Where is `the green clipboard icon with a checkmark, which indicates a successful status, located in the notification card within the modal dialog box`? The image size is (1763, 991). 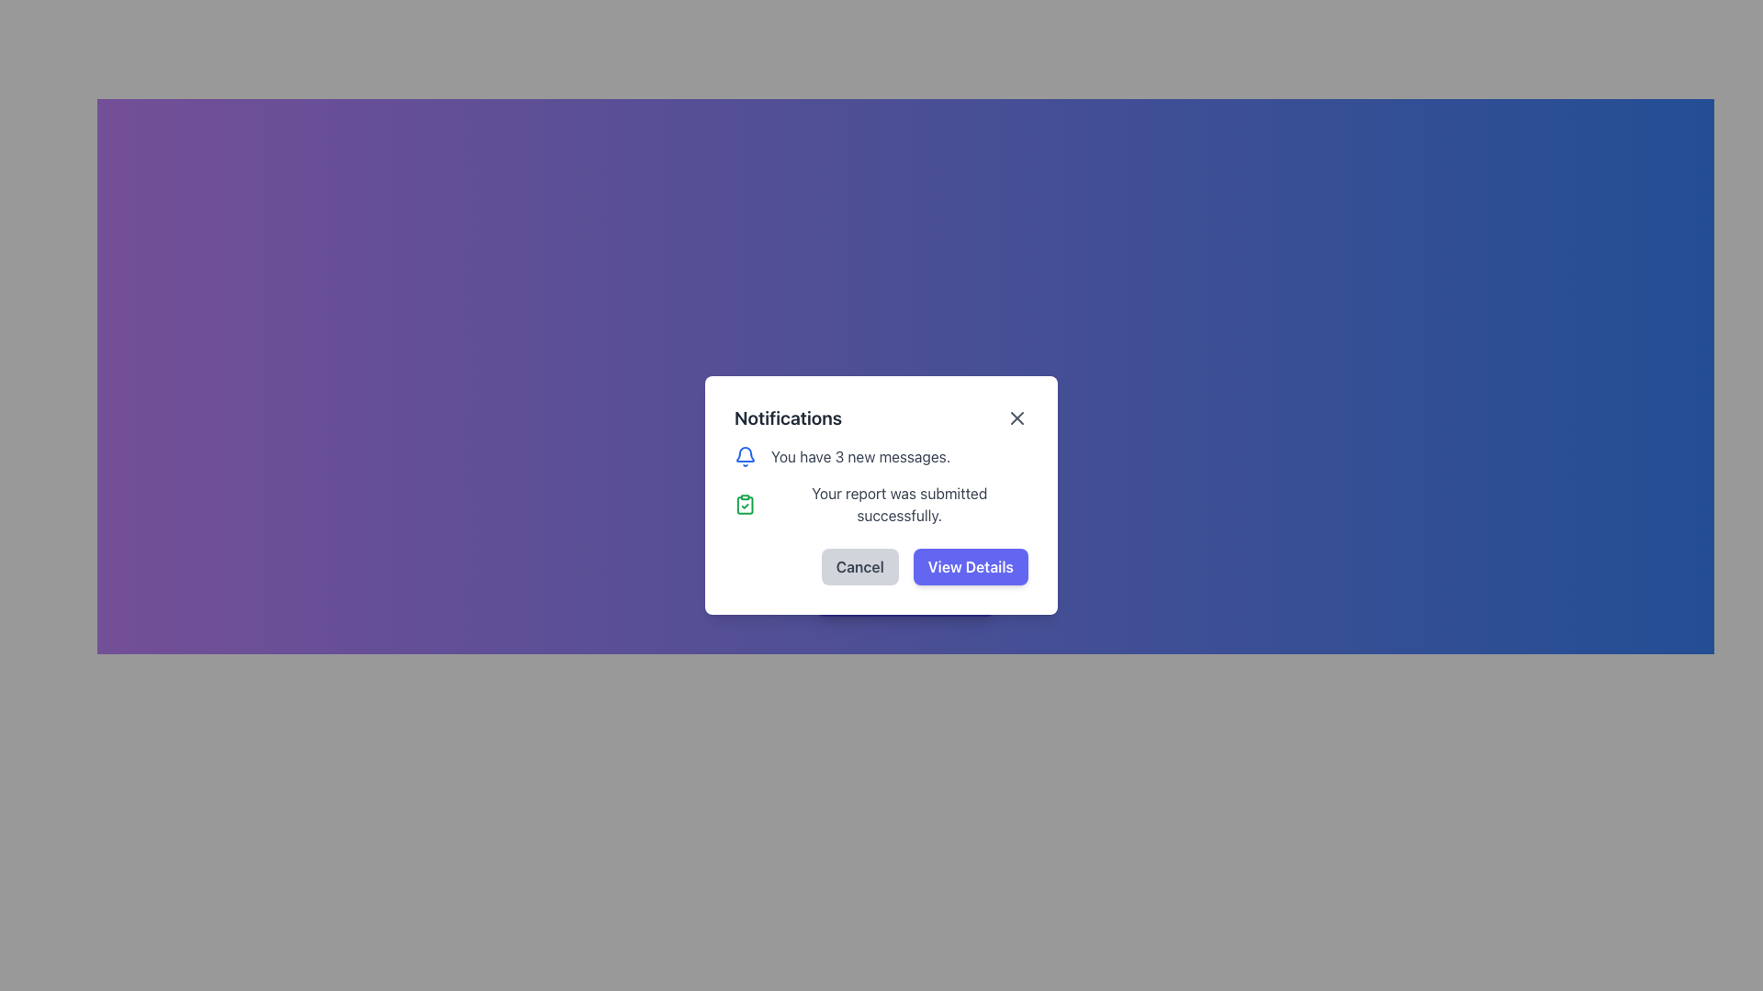 the green clipboard icon with a checkmark, which indicates a successful status, located in the notification card within the modal dialog box is located at coordinates (745, 505).